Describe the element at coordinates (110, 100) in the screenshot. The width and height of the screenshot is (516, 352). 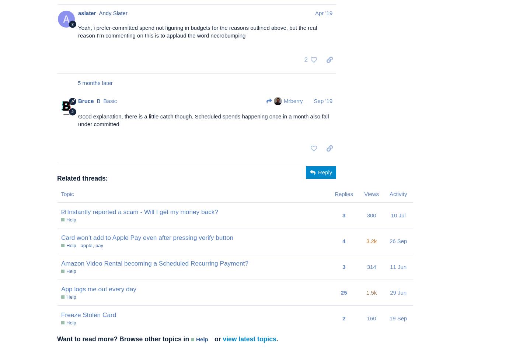
I see `'Basic'` at that location.